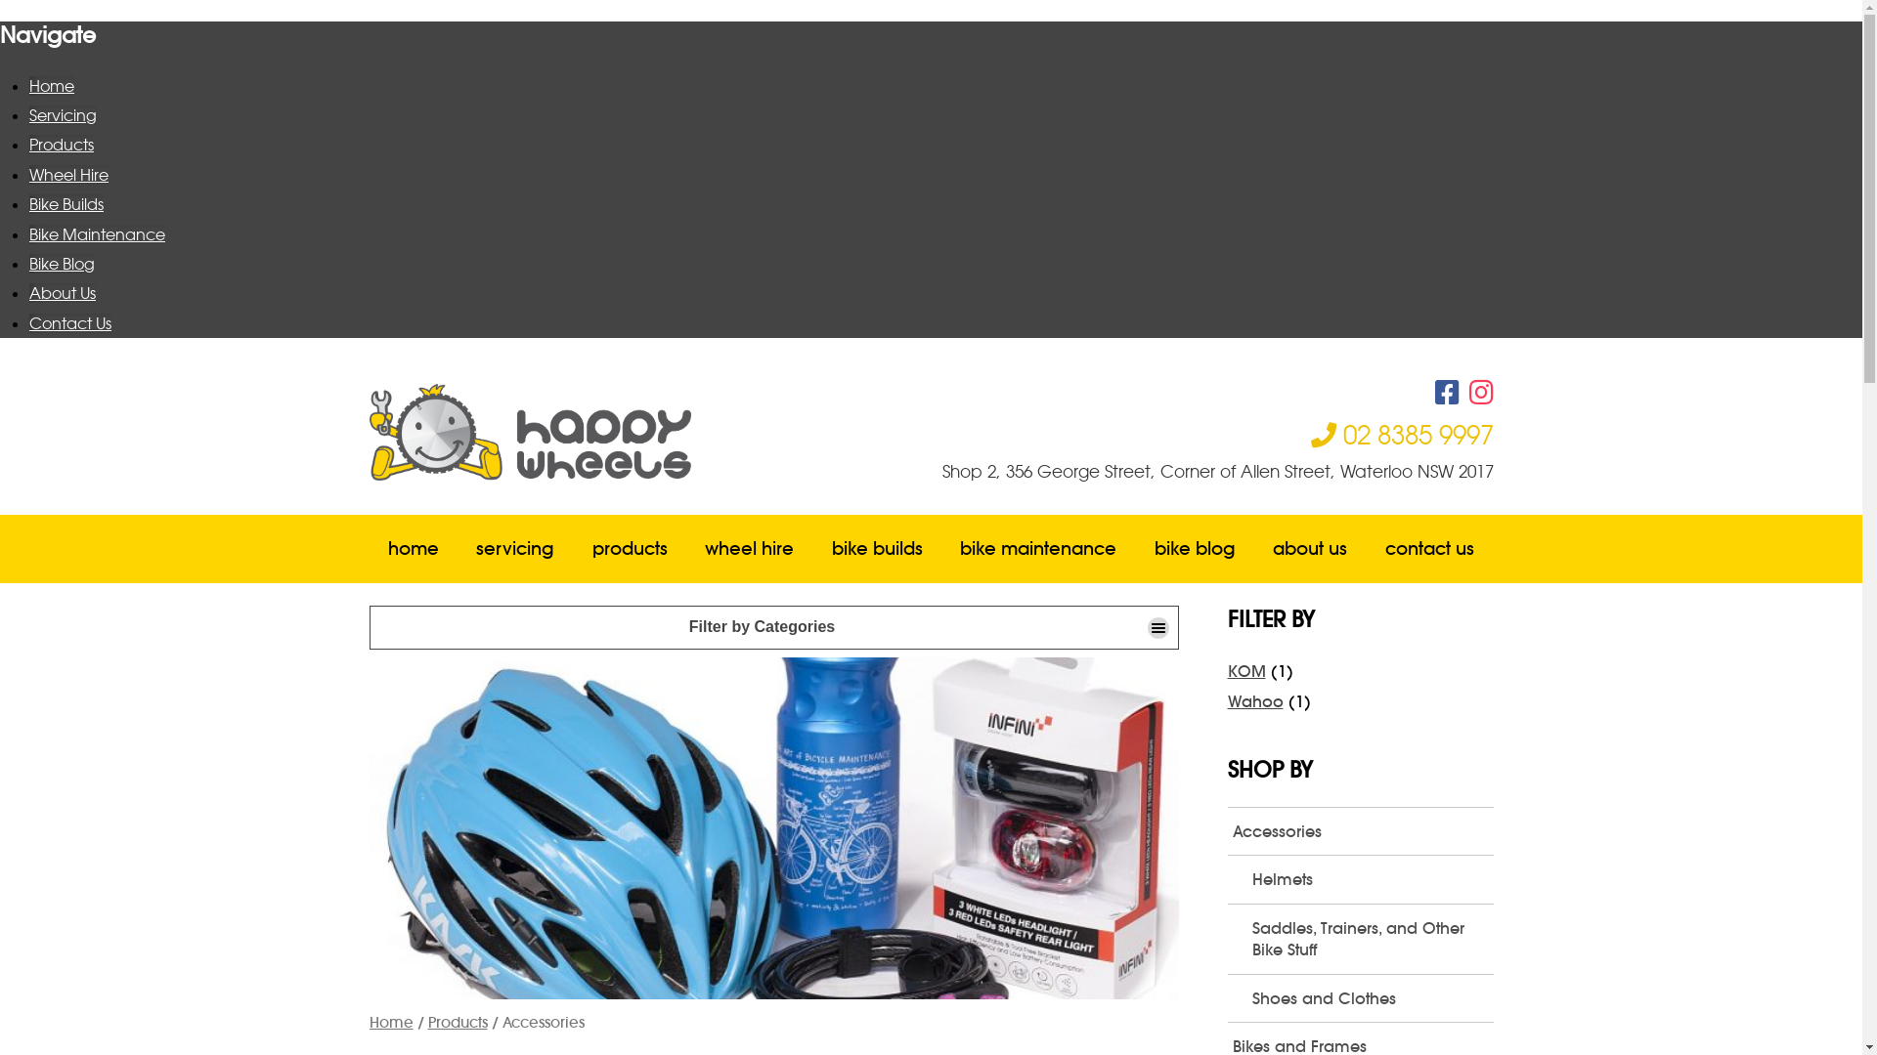  I want to click on 'Bike Builds', so click(65, 203).